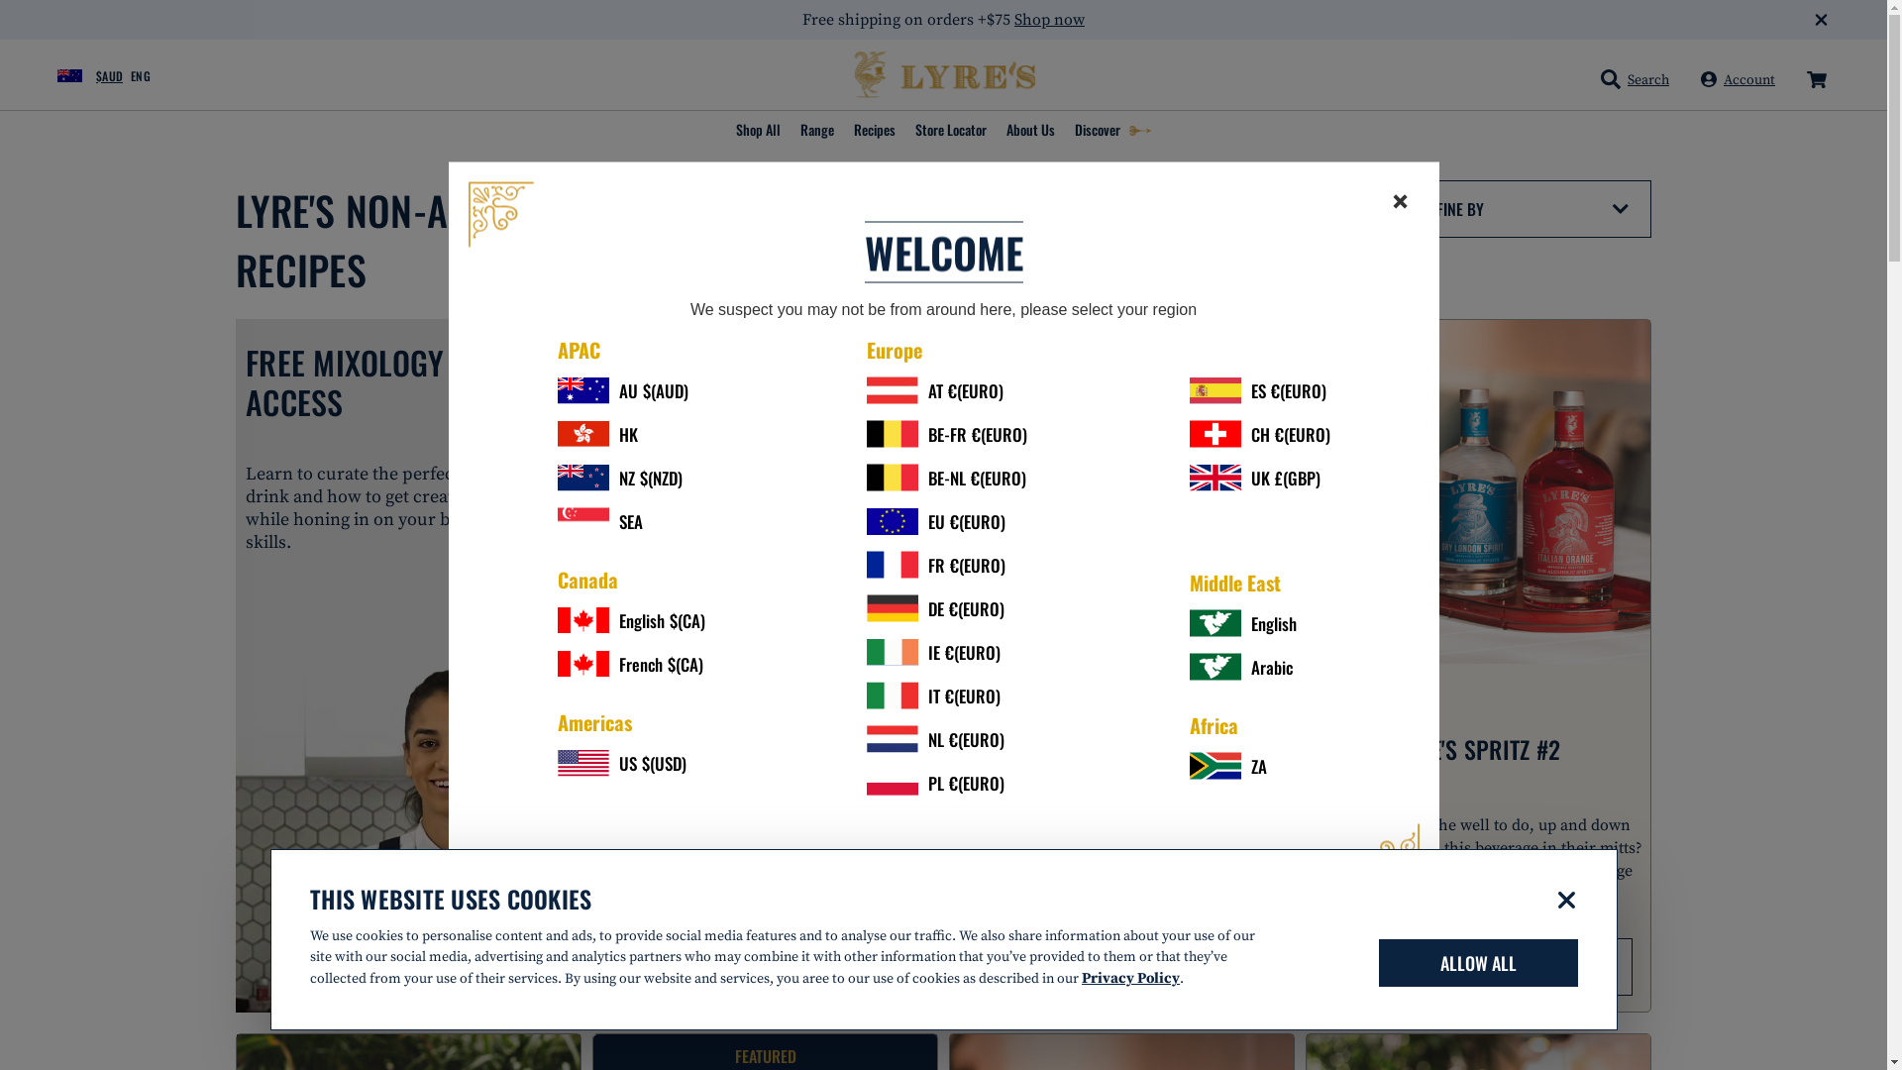 The image size is (1902, 1070). Describe the element at coordinates (1258, 667) in the screenshot. I see `'Arabic'` at that location.